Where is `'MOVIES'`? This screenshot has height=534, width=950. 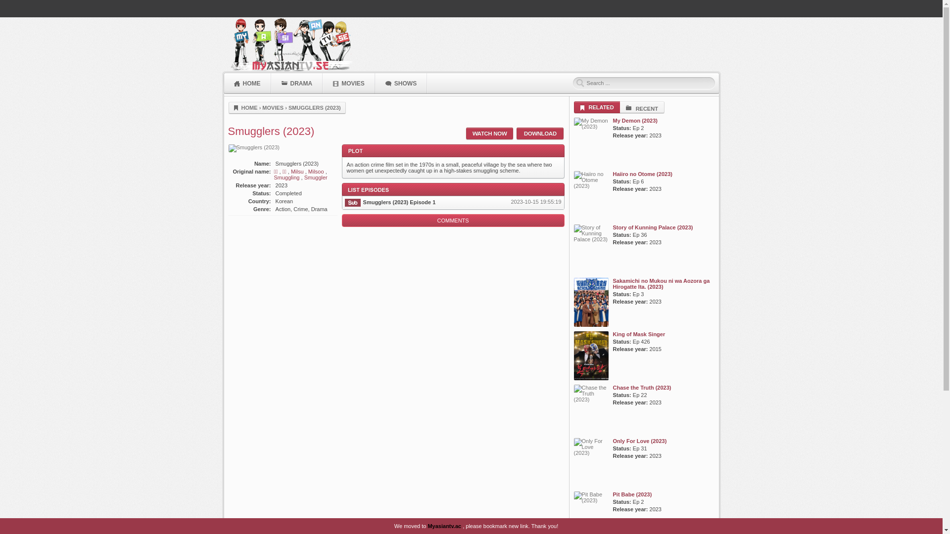 'MOVIES' is located at coordinates (349, 86).